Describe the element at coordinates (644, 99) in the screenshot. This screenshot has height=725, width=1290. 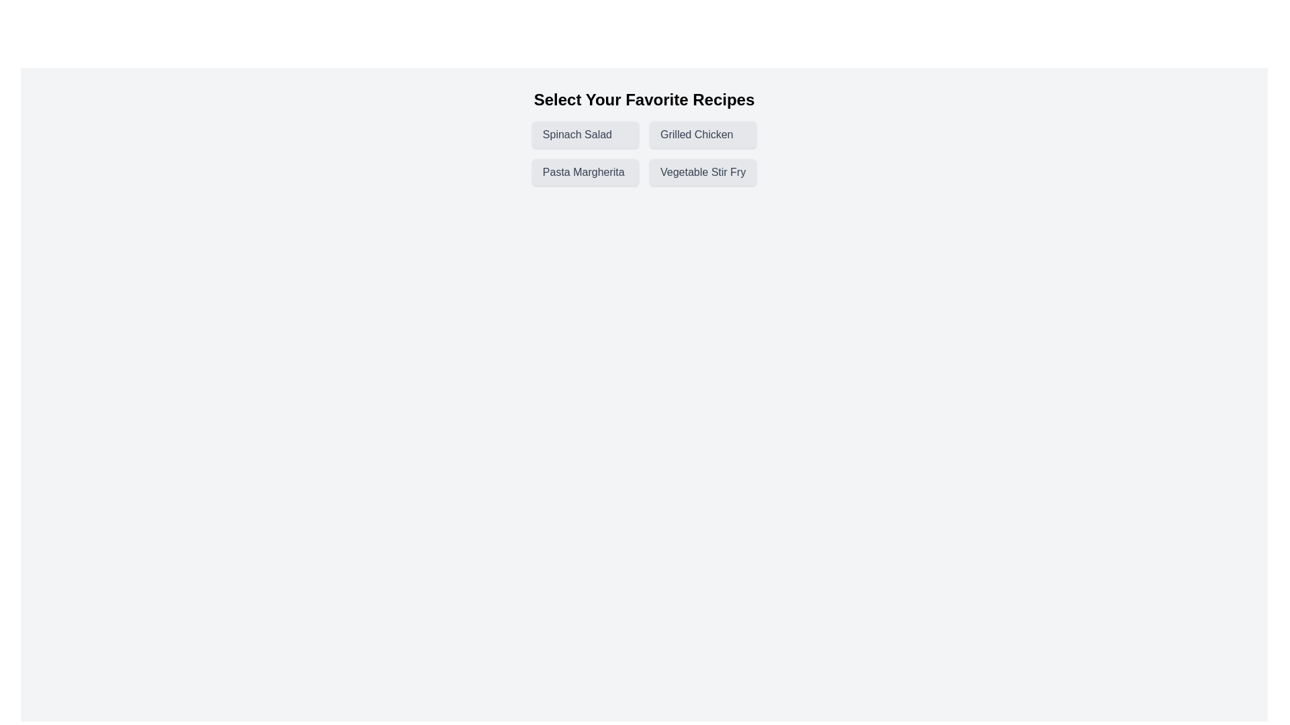
I see `the header text 'Select Your Favorite Recipes'` at that location.